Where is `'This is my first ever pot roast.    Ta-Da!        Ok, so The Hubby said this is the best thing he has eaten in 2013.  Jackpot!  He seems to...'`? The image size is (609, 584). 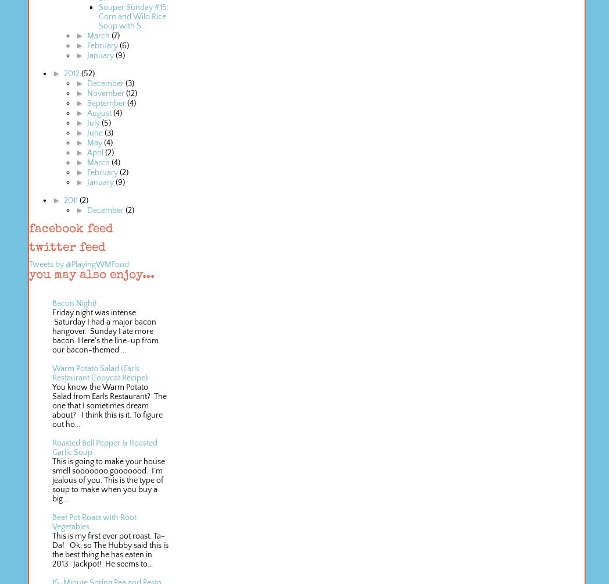 'This is my first ever pot roast.    Ta-Da!        Ok, so The Hubby said this is the best thing he has eaten in 2013.  Jackpot!  He seems to...' is located at coordinates (110, 549).